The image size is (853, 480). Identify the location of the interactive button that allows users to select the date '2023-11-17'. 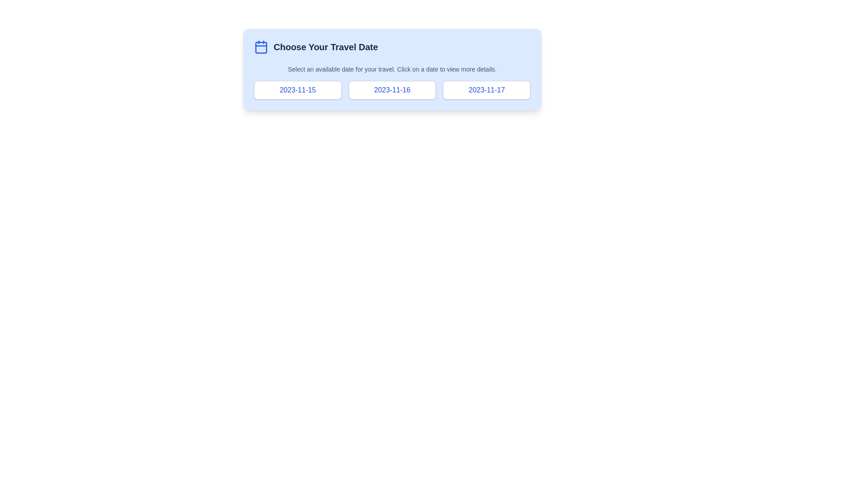
(486, 90).